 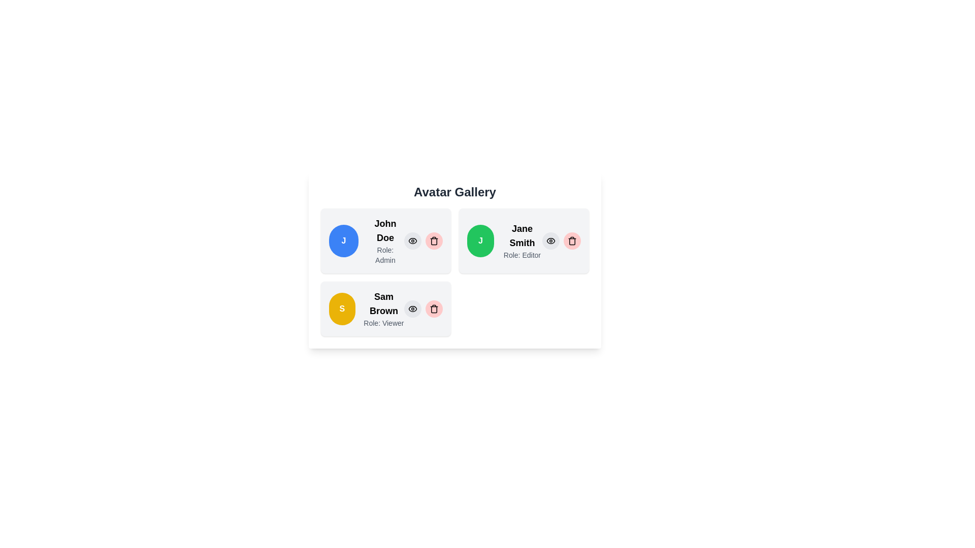 I want to click on the circular red button with a trashcan icon, located at the top-right of the card for user 'Jane Smith', positioned to the right of the eye icon button, so click(x=572, y=241).